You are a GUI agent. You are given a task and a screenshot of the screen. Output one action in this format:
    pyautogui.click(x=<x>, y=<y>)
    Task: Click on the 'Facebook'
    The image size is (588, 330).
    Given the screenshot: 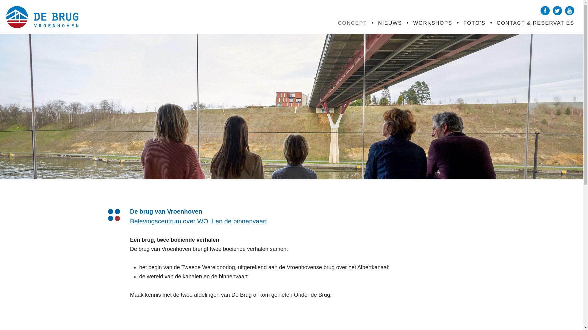 What is the action you would take?
    pyautogui.click(x=539, y=10)
    